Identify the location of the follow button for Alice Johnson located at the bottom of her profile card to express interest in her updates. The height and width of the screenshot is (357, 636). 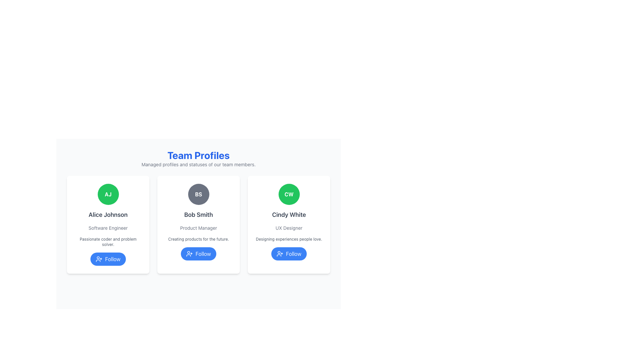
(108, 258).